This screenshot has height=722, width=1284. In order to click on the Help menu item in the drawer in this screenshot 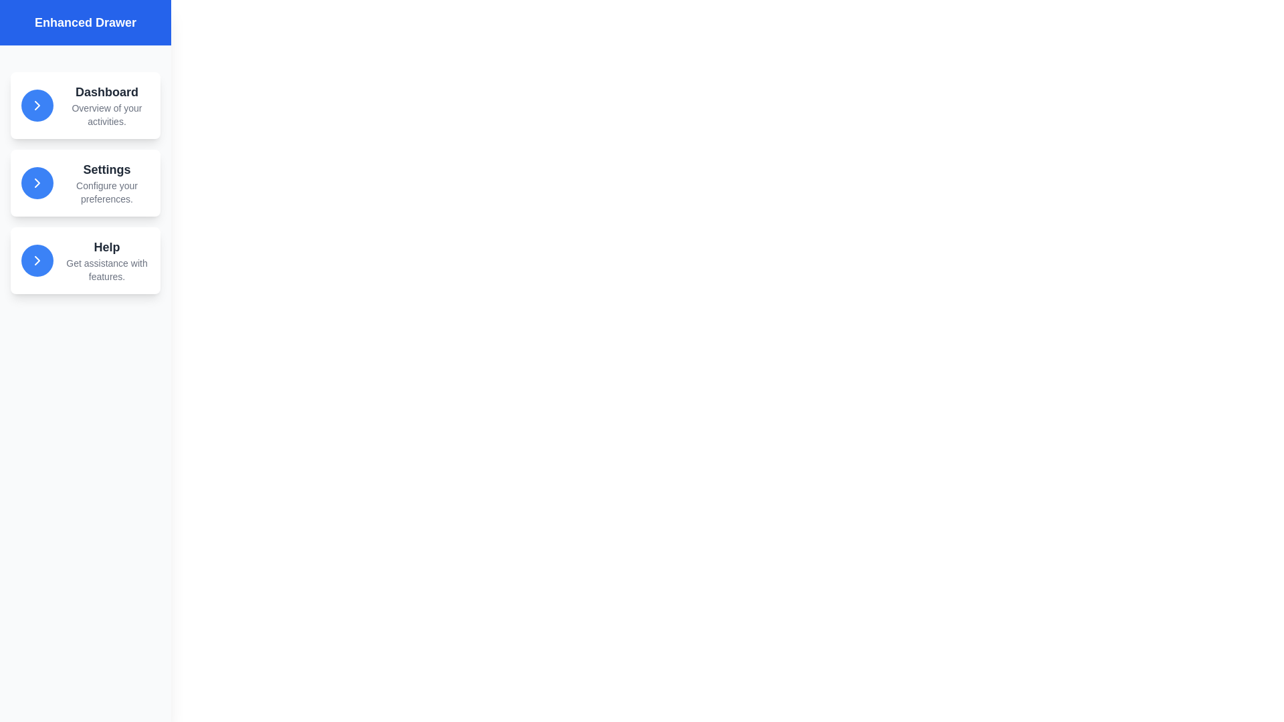, I will do `click(85, 260)`.